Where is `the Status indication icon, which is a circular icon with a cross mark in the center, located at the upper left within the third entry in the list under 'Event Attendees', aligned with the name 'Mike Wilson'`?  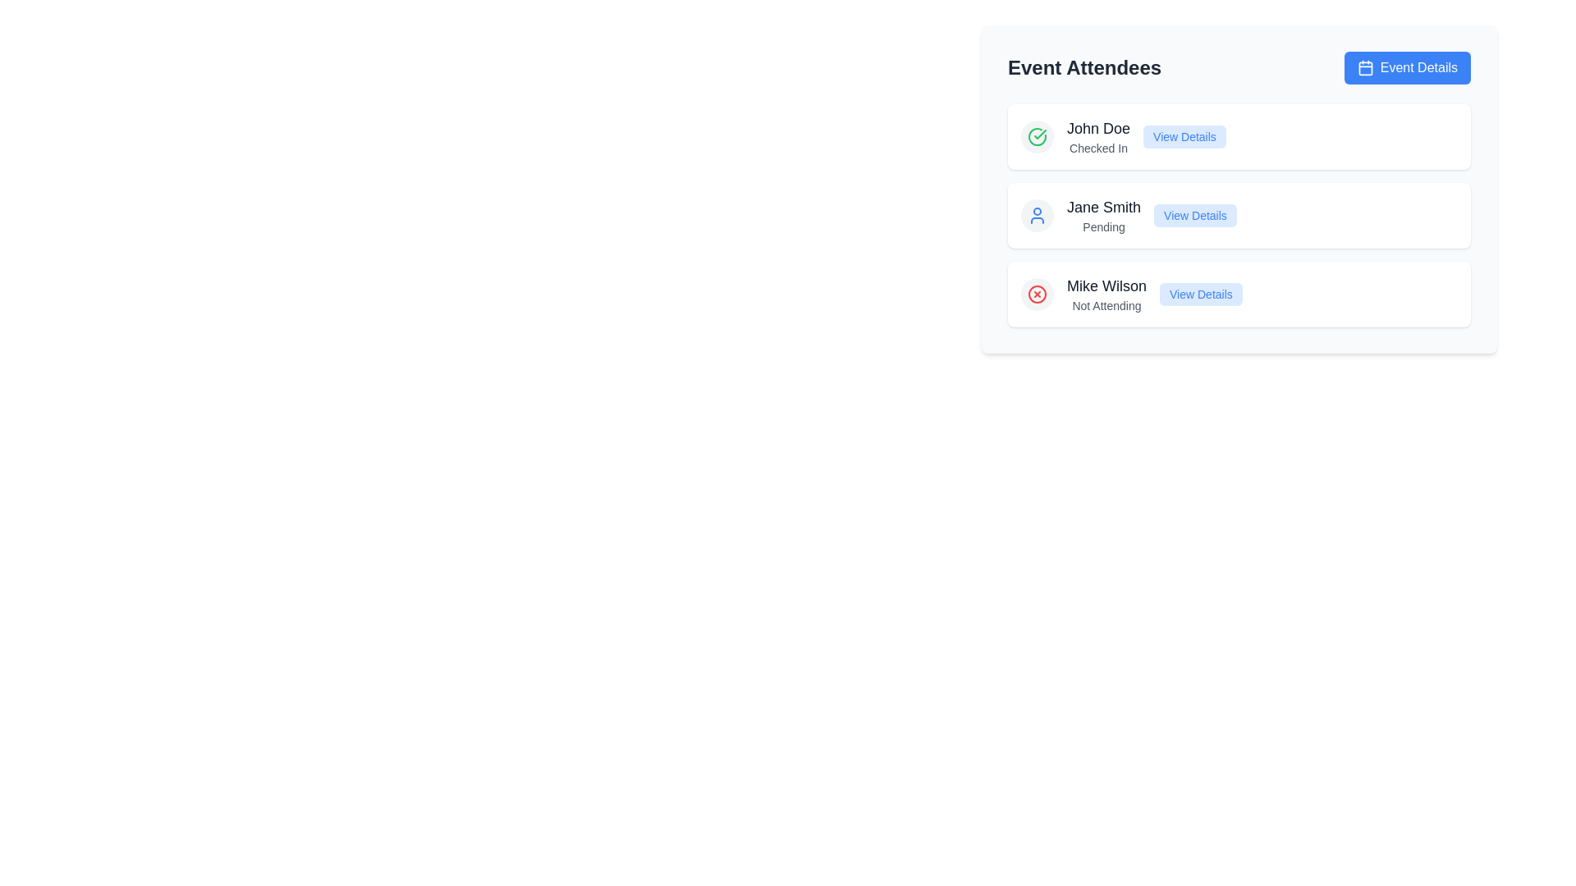 the Status indication icon, which is a circular icon with a cross mark in the center, located at the upper left within the third entry in the list under 'Event Attendees', aligned with the name 'Mike Wilson' is located at coordinates (1036, 293).